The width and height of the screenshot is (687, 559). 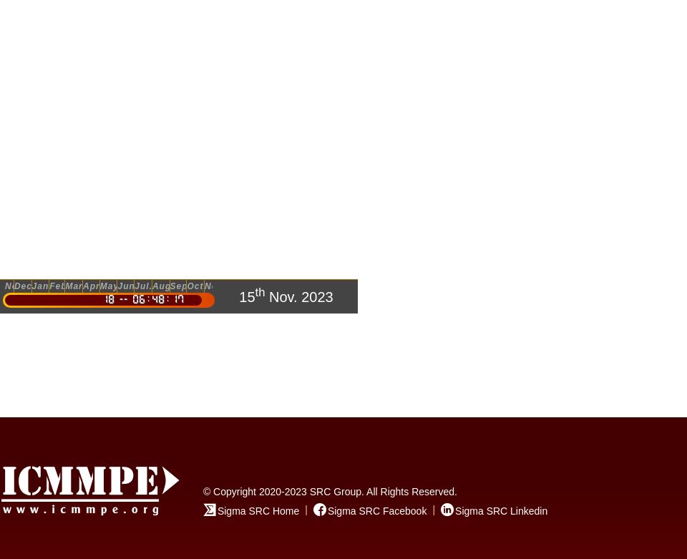 I want to click on 'Feb.', so click(x=49, y=286).